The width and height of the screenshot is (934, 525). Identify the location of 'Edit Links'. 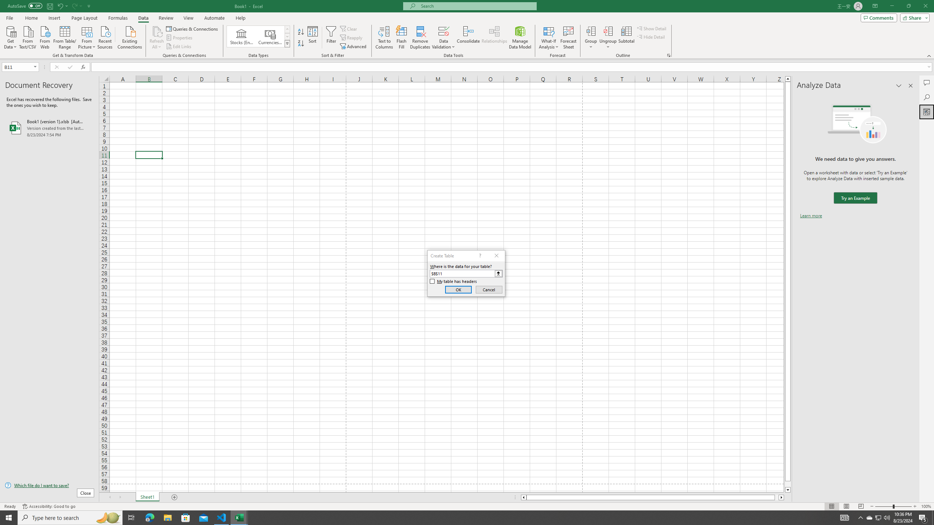
(179, 46).